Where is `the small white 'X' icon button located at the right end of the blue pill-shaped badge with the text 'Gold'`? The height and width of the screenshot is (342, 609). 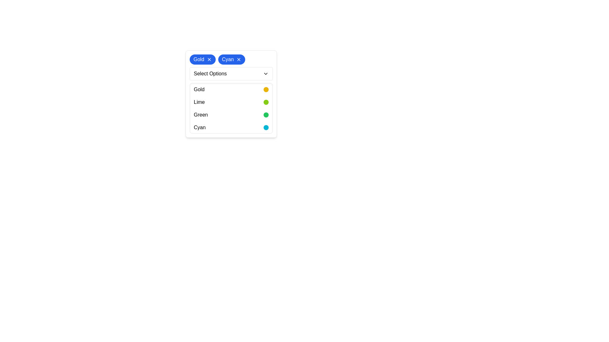 the small white 'X' icon button located at the right end of the blue pill-shaped badge with the text 'Gold' is located at coordinates (209, 60).